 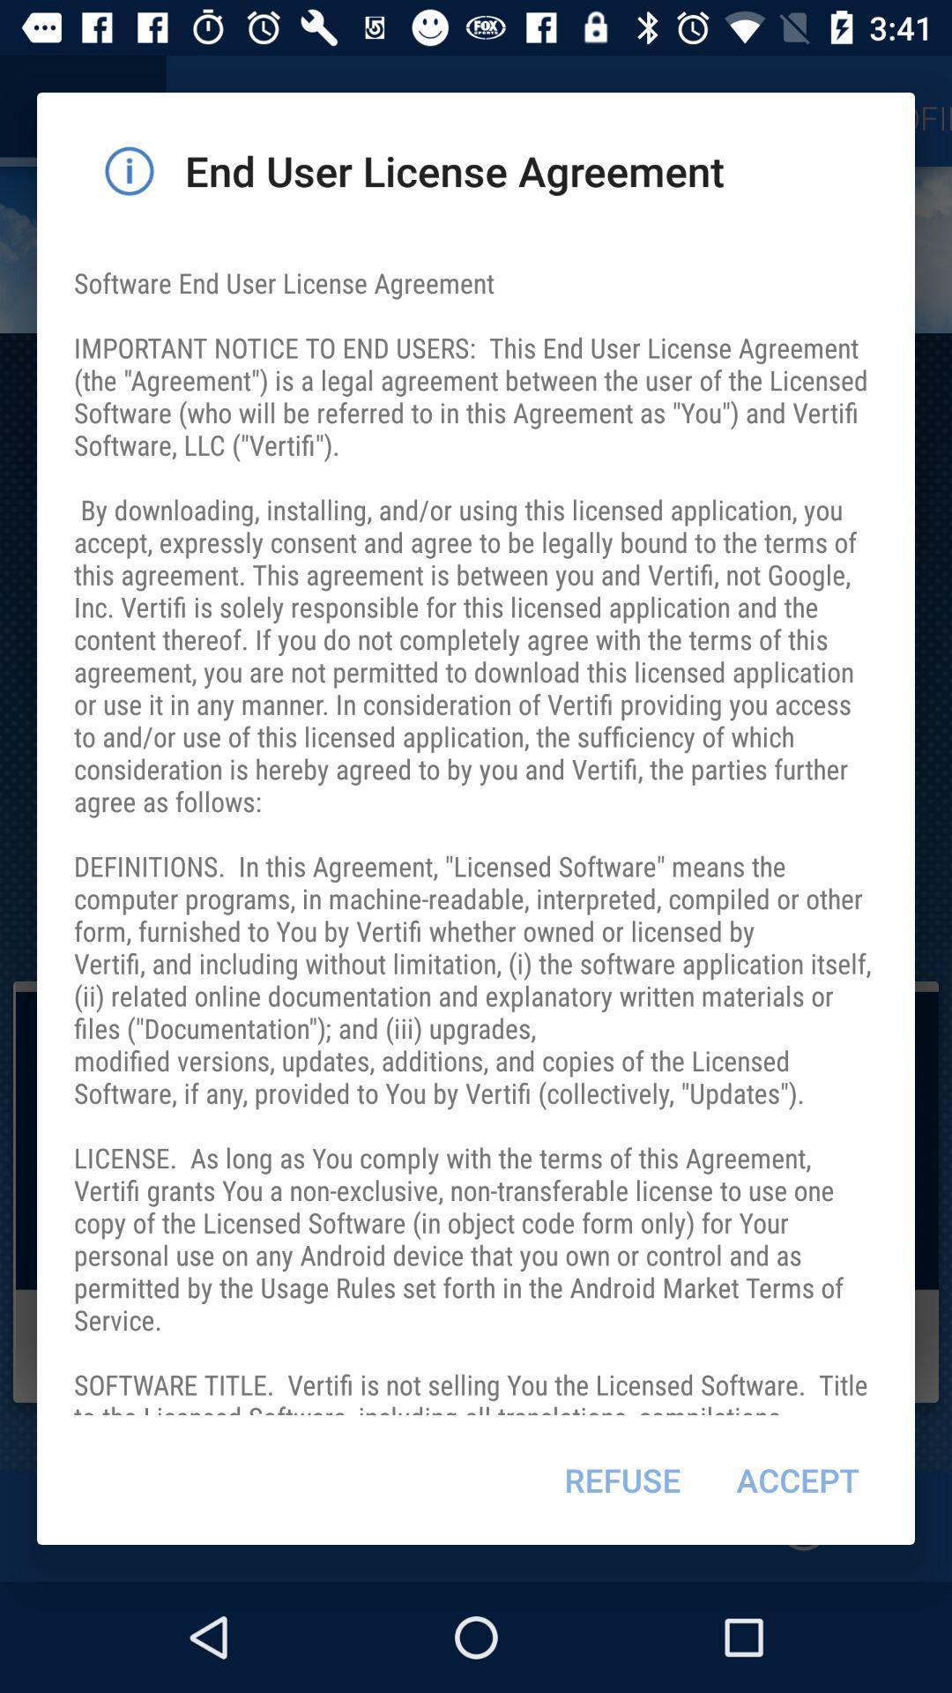 I want to click on the item at the bottom right corner, so click(x=798, y=1480).